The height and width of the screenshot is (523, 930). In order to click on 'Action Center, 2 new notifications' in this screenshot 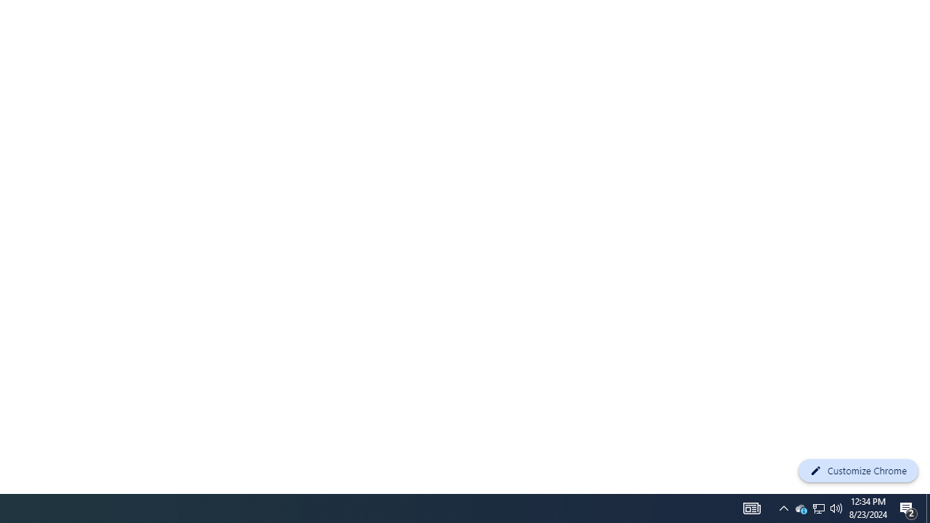, I will do `click(908, 507)`.